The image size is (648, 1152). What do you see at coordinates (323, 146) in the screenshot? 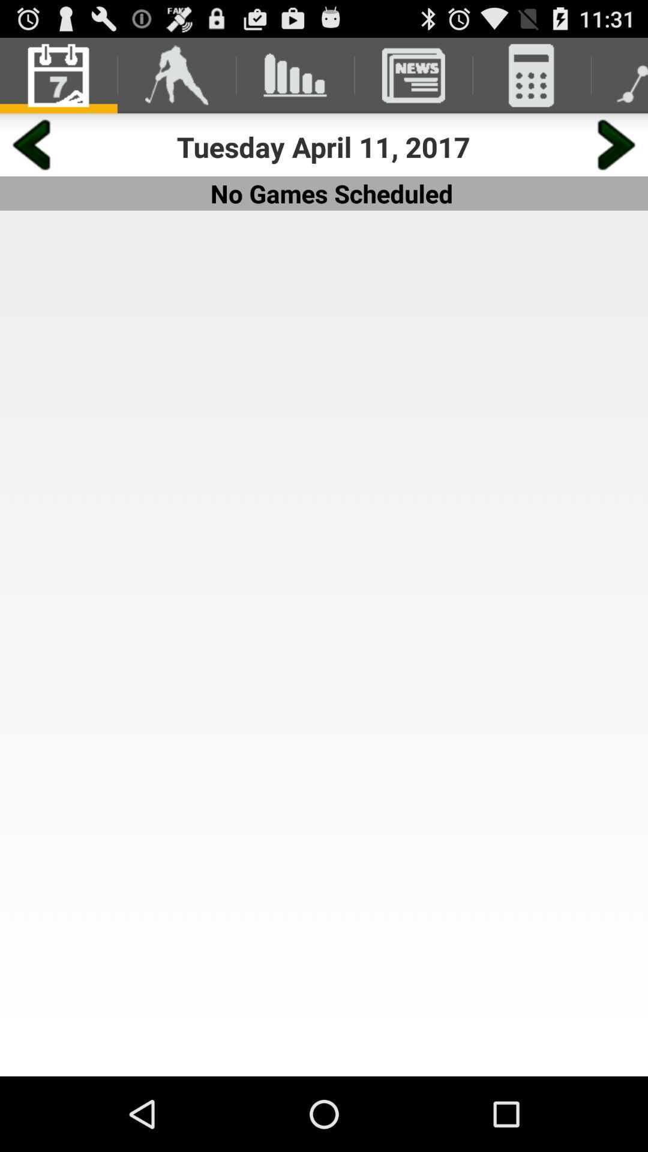
I see `the app above no games scheduled` at bounding box center [323, 146].